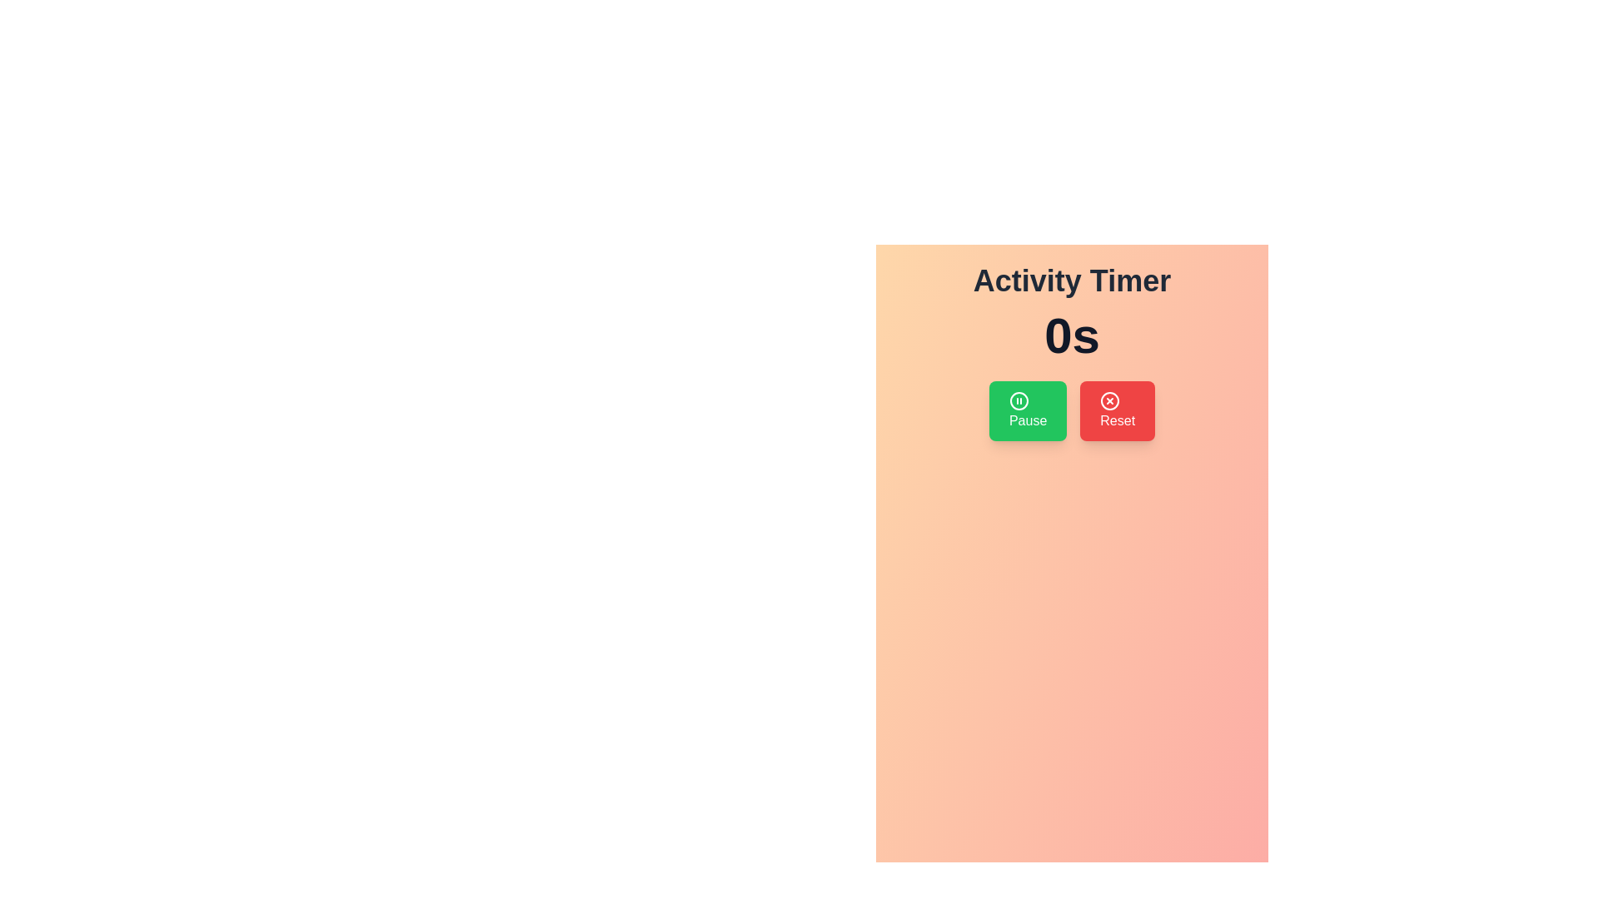 This screenshot has height=899, width=1599. Describe the element at coordinates (1118, 410) in the screenshot. I see `the 'Reset' button` at that location.